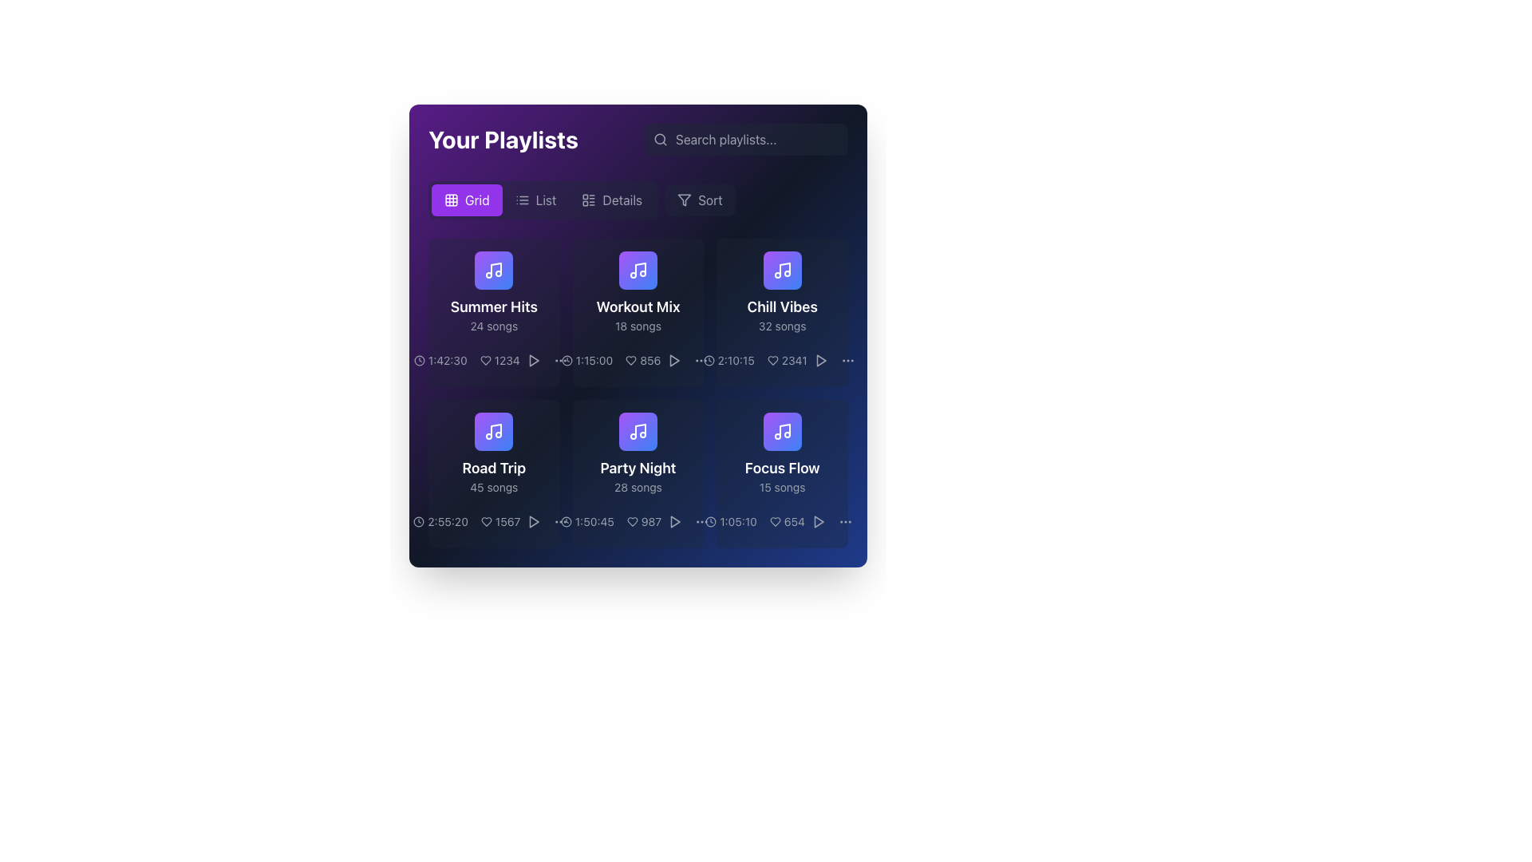 Image resolution: width=1532 pixels, height=862 pixels. Describe the element at coordinates (588, 199) in the screenshot. I see `the SVG Image Icon within the 'Details' button, located to the right of the 'Grid' icon and the title 'List'` at that location.